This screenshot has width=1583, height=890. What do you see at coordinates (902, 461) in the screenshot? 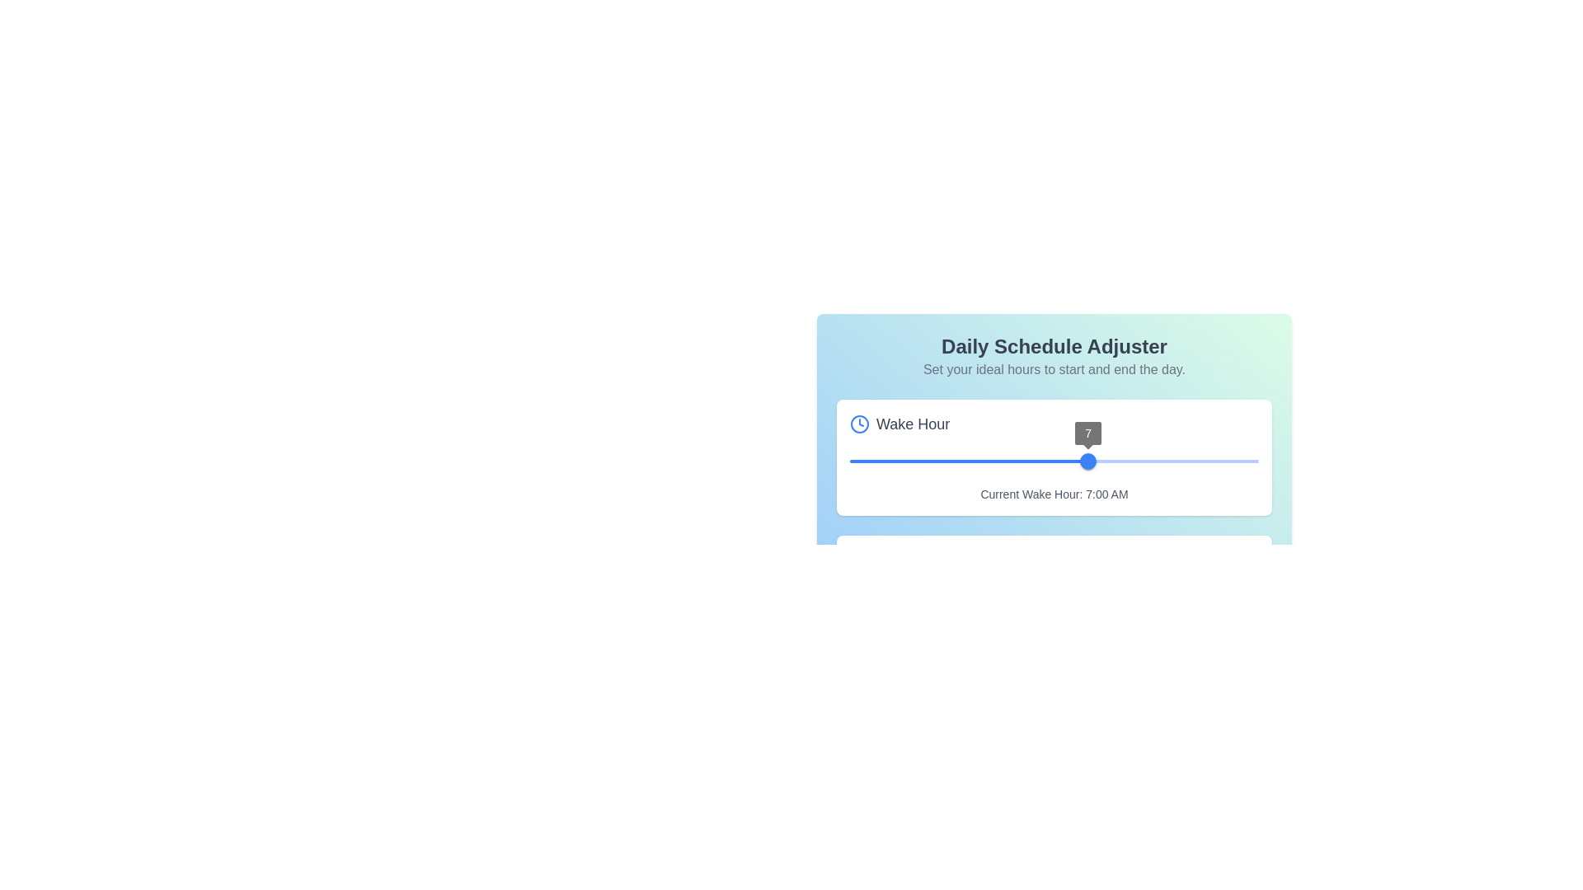
I see `the wake hour` at bounding box center [902, 461].